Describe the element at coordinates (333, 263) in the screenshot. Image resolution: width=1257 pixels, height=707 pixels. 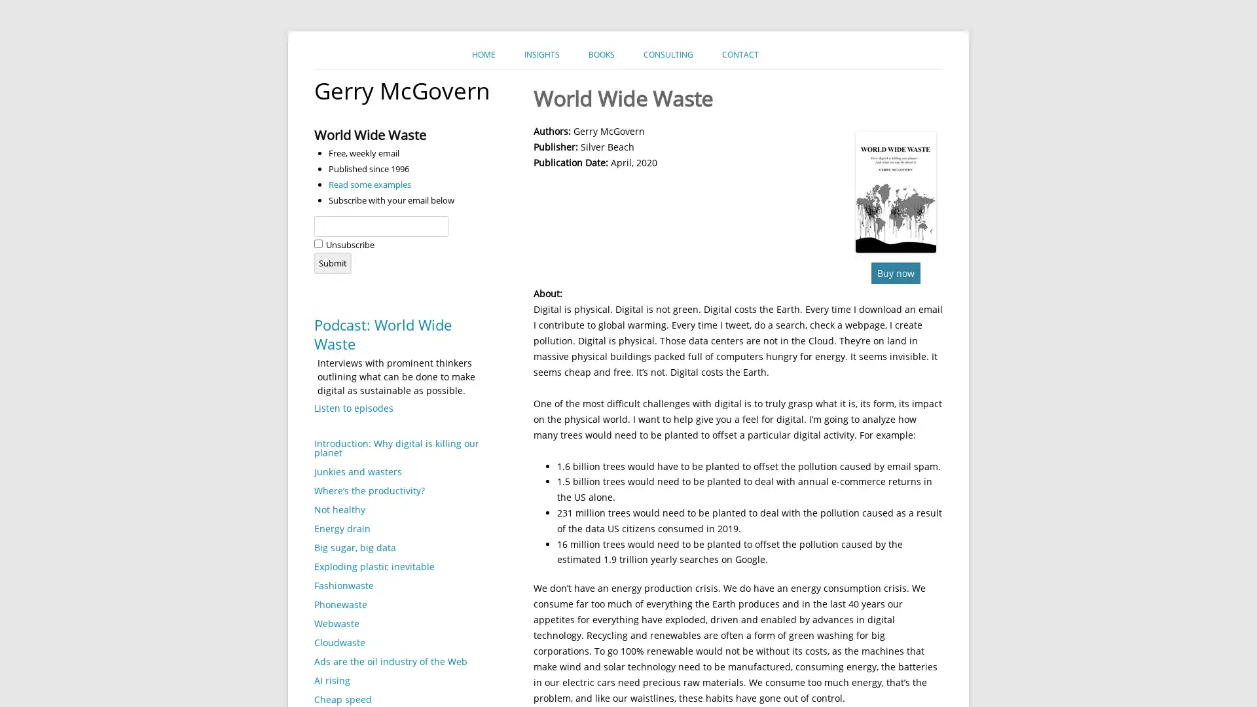
I see `Submit` at that location.